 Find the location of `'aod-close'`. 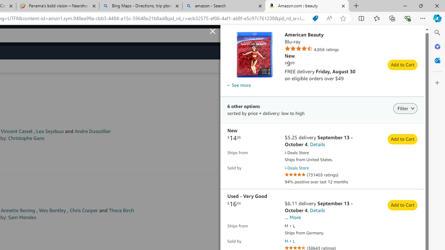

'aod-close' is located at coordinates (213, 30).